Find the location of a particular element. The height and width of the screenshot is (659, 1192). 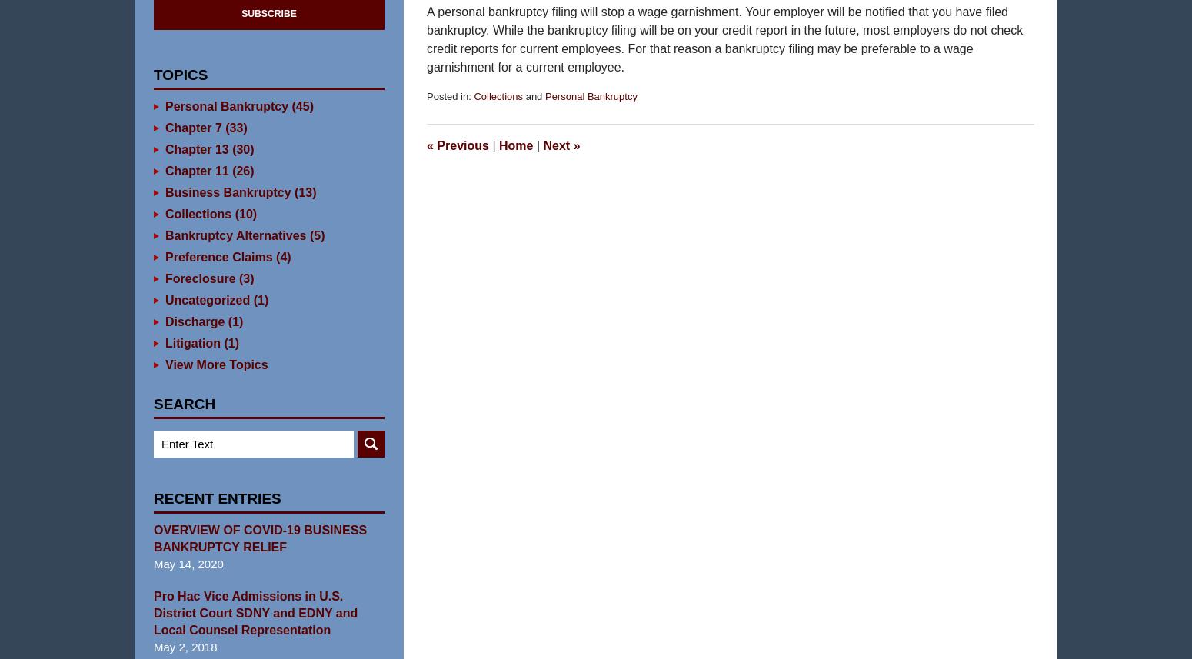

'(33)' is located at coordinates (221, 151).